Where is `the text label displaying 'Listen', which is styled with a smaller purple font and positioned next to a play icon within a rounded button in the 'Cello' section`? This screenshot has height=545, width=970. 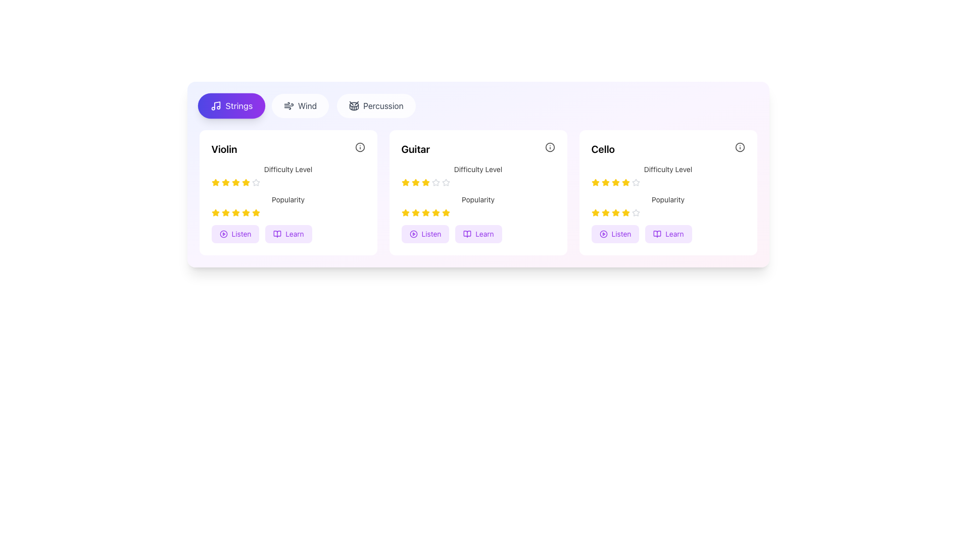 the text label displaying 'Listen', which is styled with a smaller purple font and positioned next to a play icon within a rounded button in the 'Cello' section is located at coordinates (620, 234).